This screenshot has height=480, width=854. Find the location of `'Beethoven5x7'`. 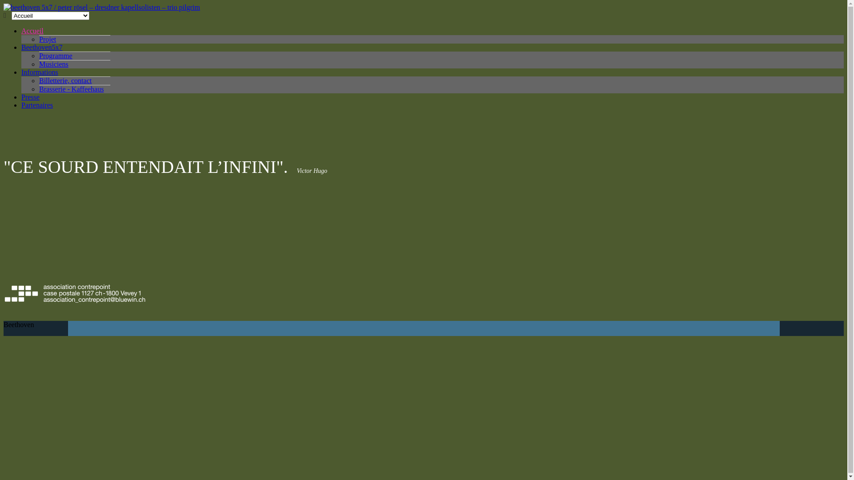

'Beethoven5x7' is located at coordinates (21, 47).